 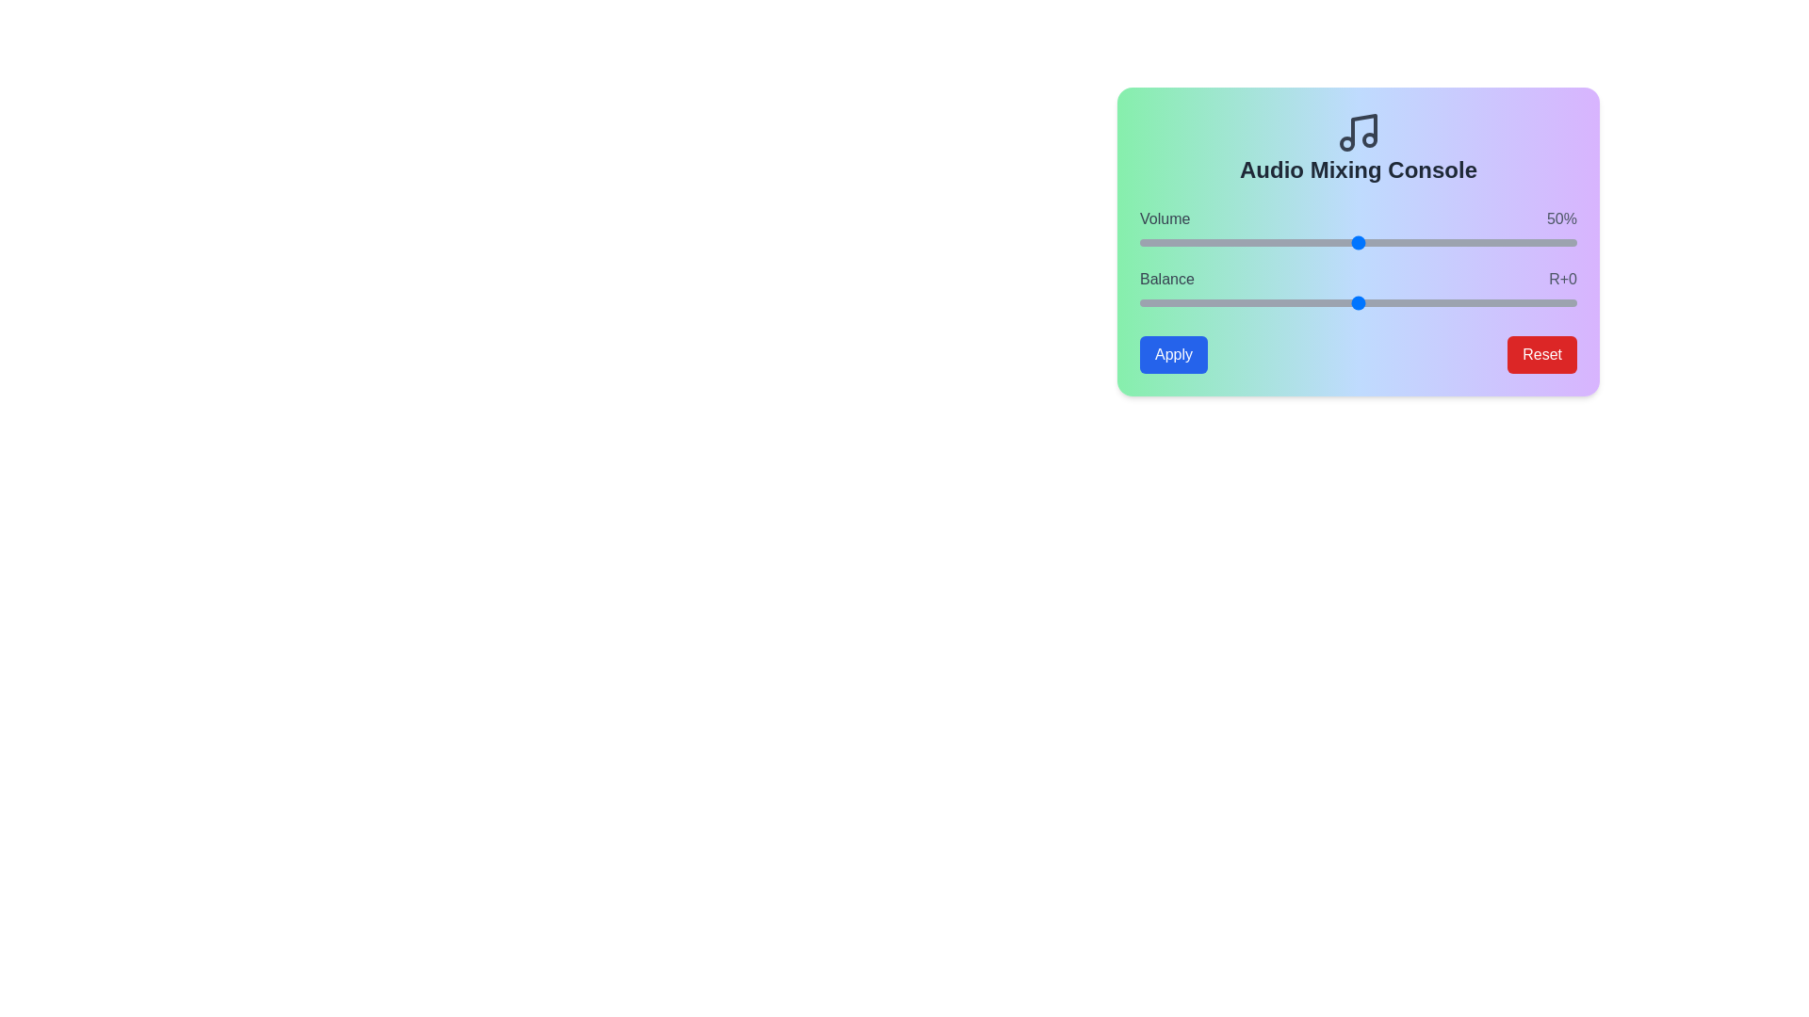 What do you see at coordinates (1310, 301) in the screenshot?
I see `balance` at bounding box center [1310, 301].